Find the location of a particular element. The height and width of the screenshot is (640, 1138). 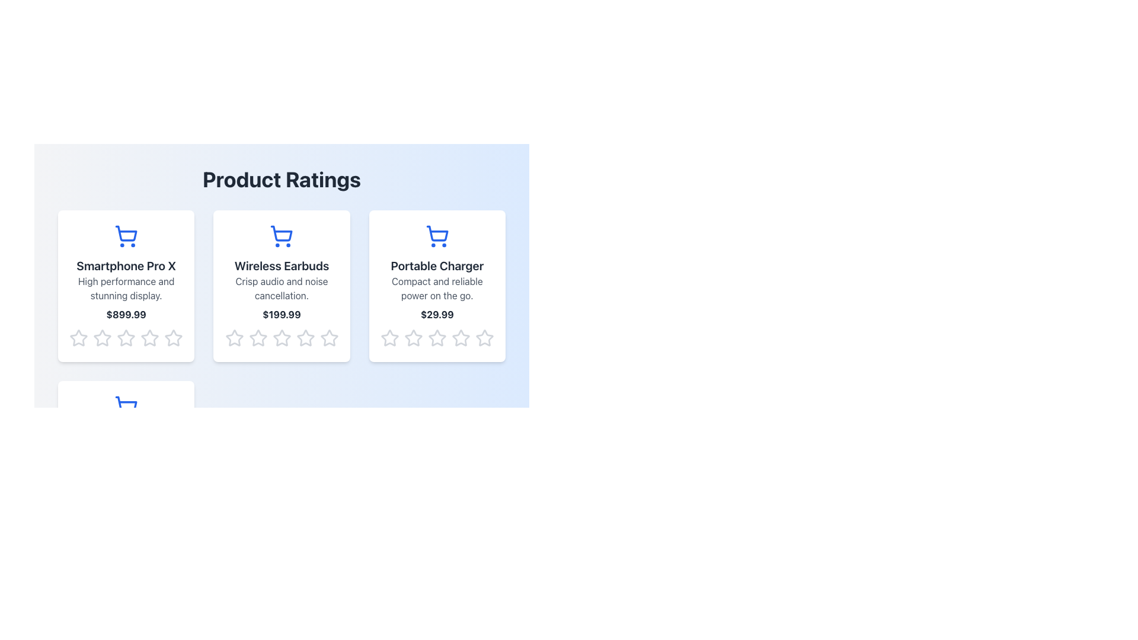

the text label displaying 'Wireless Earbuds' in bold, dark gray font, located in the middle column of a three-column grid, positioned above a description text is located at coordinates (281, 265).